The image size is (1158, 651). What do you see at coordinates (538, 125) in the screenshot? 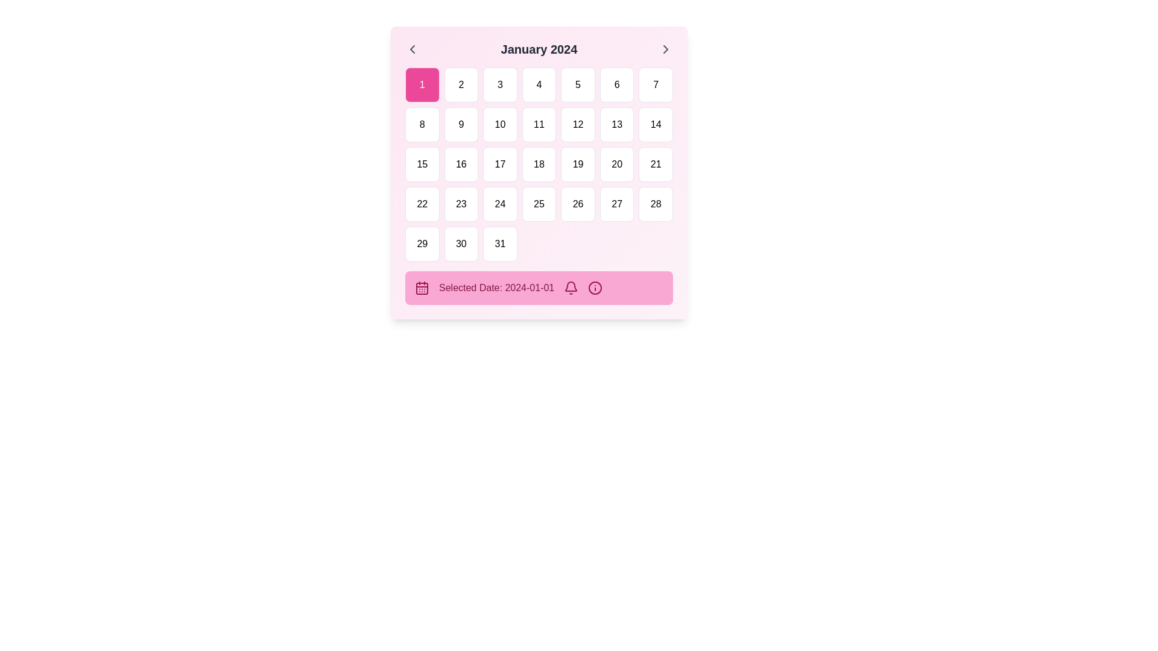
I see `the button displaying '11'` at bounding box center [538, 125].